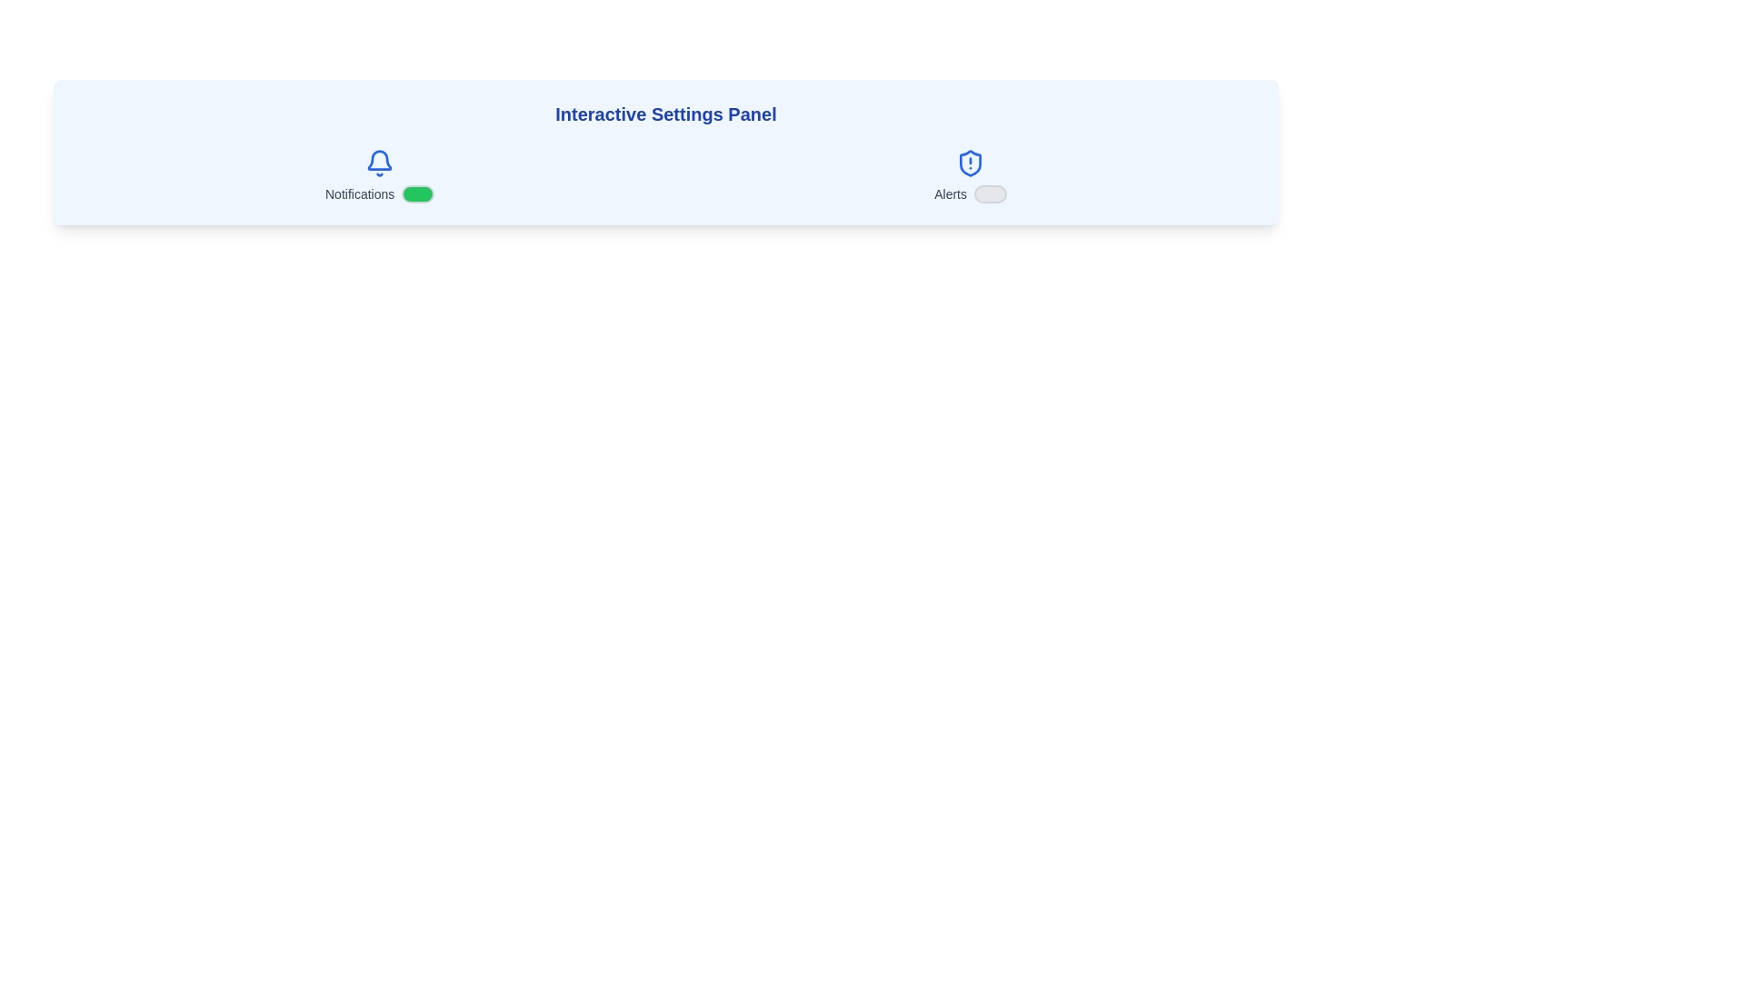 This screenshot has width=1745, height=981. I want to click on the 'Alerts' switch to toggle its state, so click(989, 193).